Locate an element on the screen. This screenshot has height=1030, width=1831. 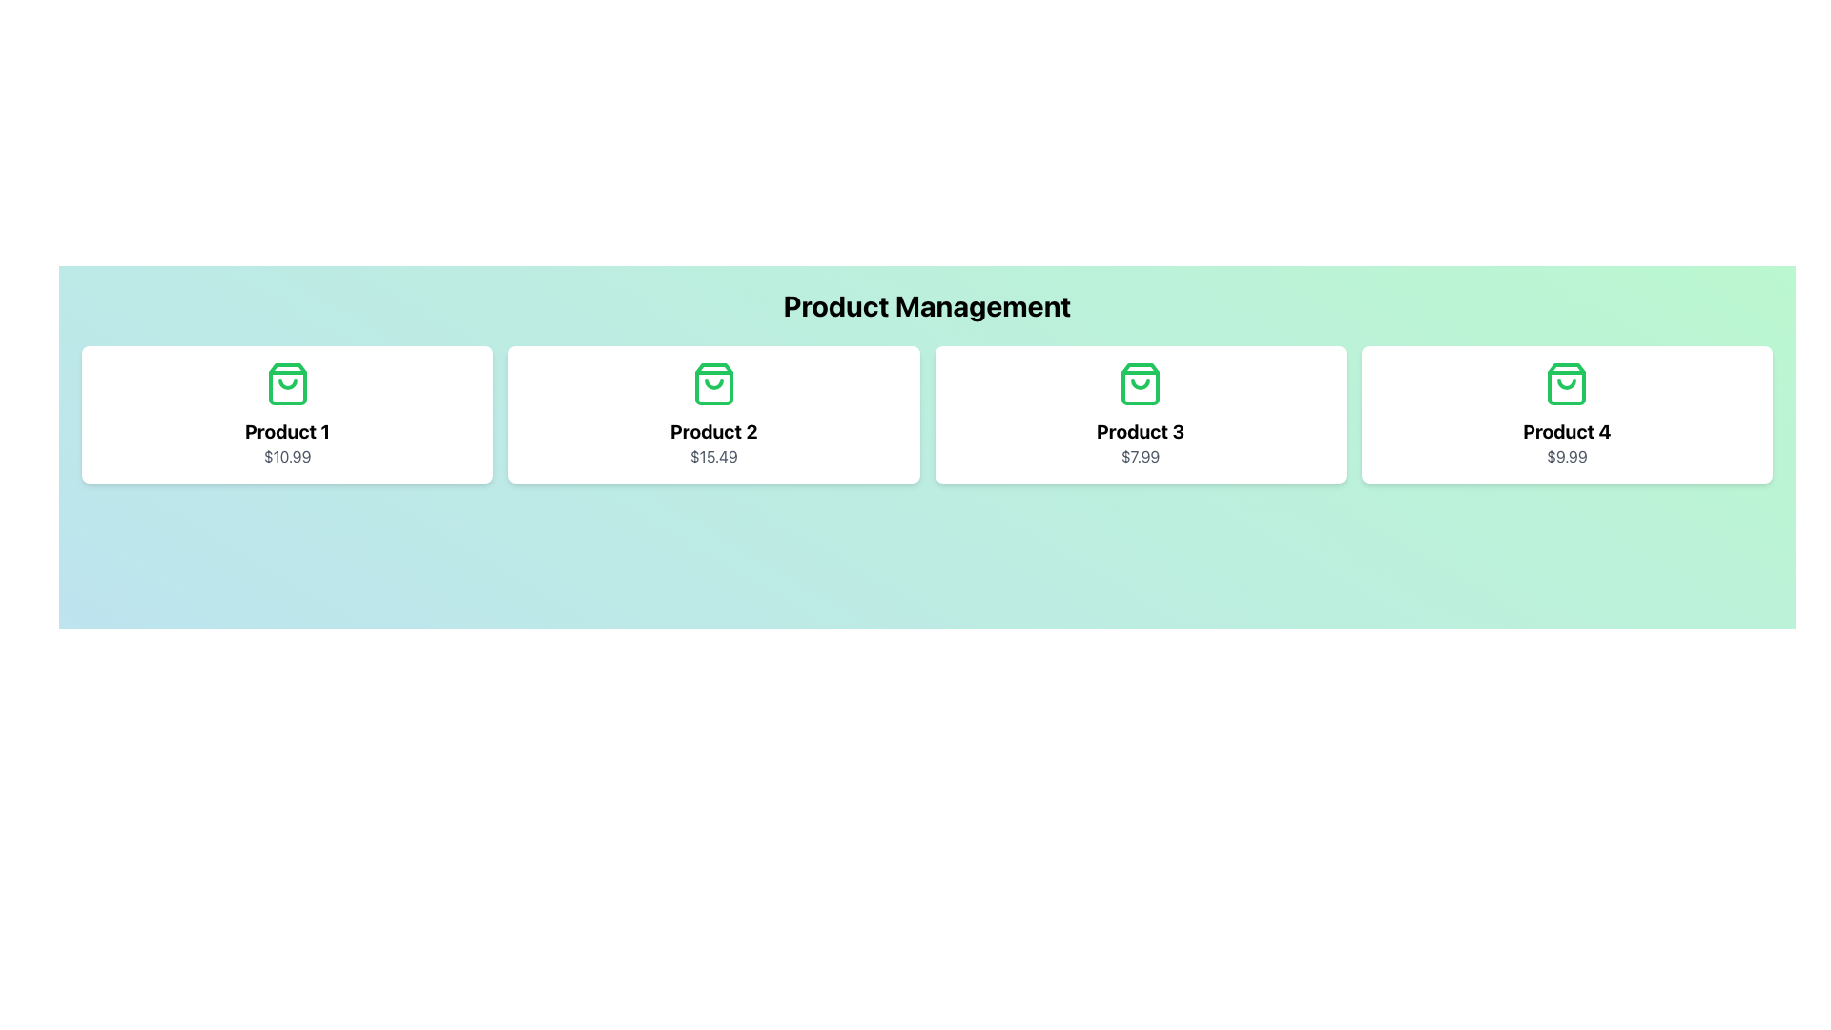
the vector graphic icon of a shopping bag, which is styled with green strokes and located in the second card labeled 'Product 2' is located at coordinates (712, 383).